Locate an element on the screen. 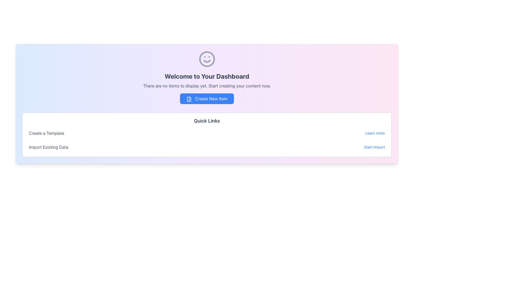 This screenshot has width=515, height=289. the small folded file icon with a plus sign located inside the 'Create New Item' button to the left of the button text is located at coordinates (189, 99).